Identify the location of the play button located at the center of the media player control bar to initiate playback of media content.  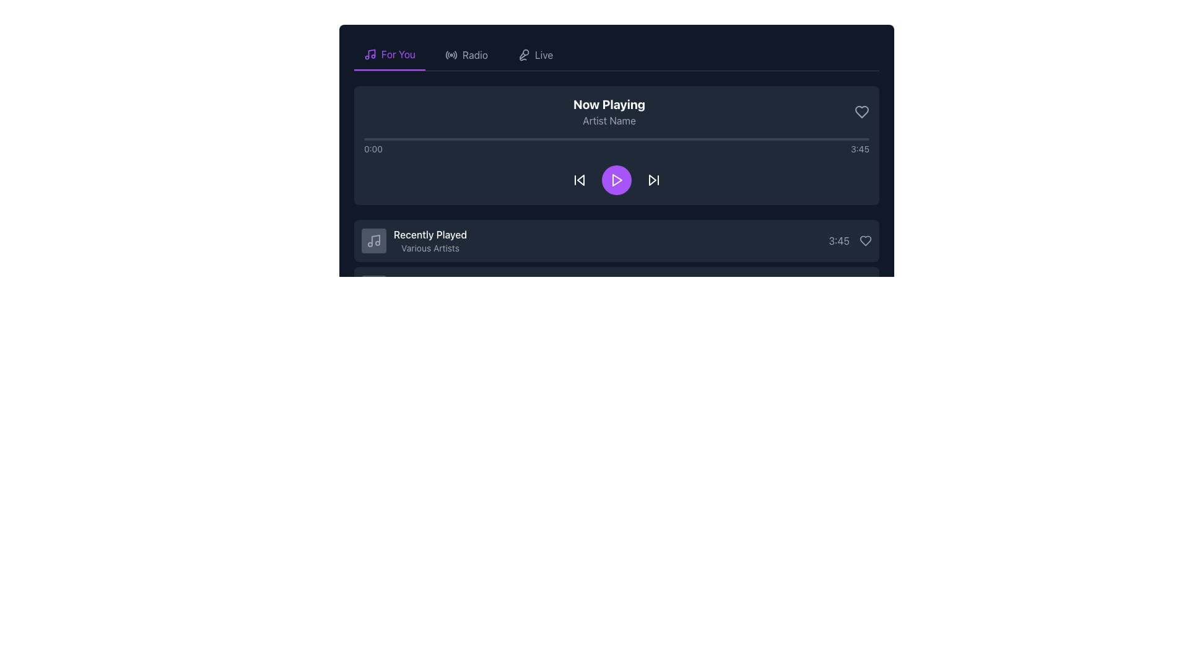
(617, 180).